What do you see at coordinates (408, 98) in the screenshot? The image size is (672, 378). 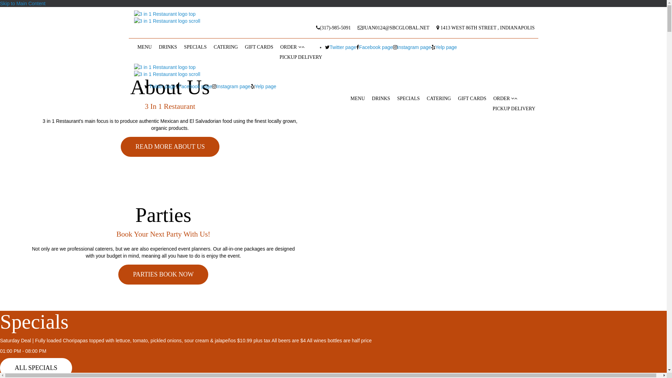 I see `'SPECIALS'` at bounding box center [408, 98].